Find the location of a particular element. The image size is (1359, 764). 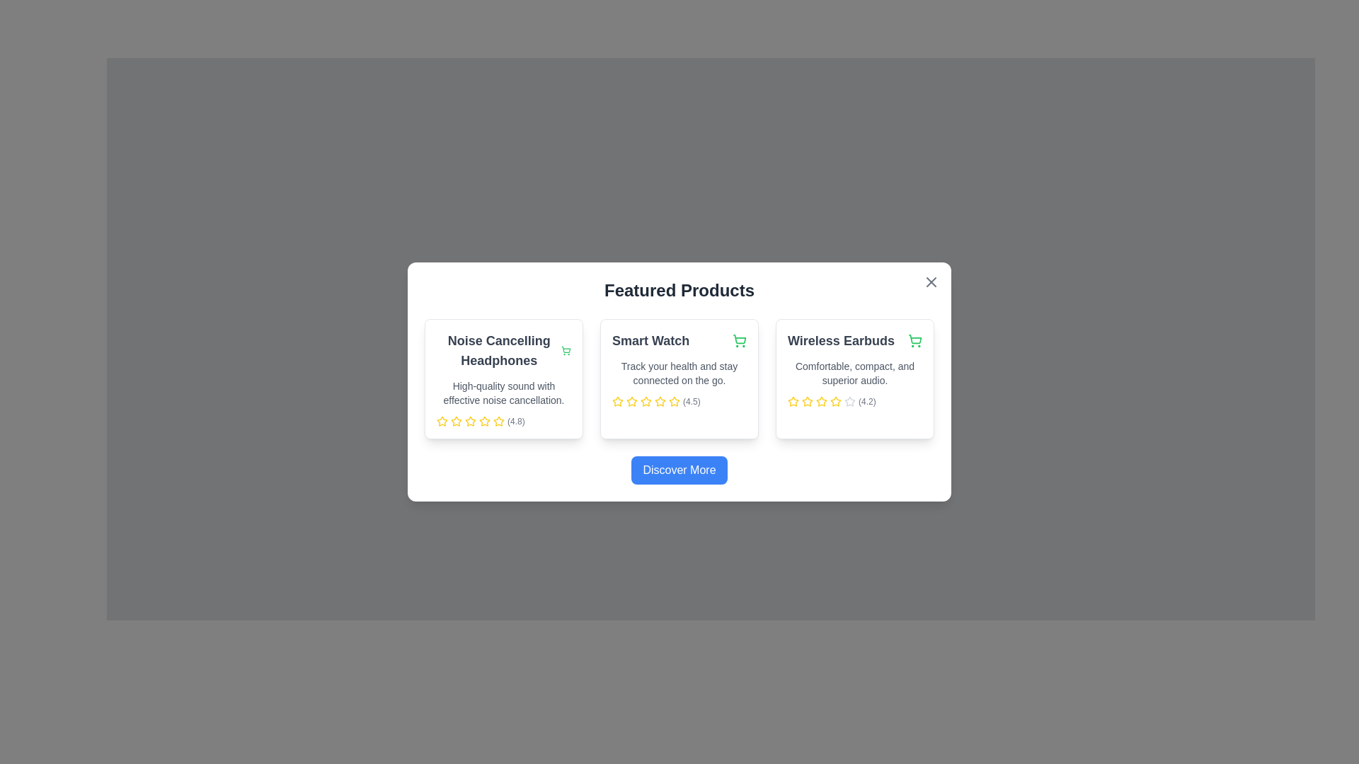

the shopping cart icon button located to the right of the 'Wireless Earbuds' title in the 'Featured Products' section is located at coordinates (914, 341).